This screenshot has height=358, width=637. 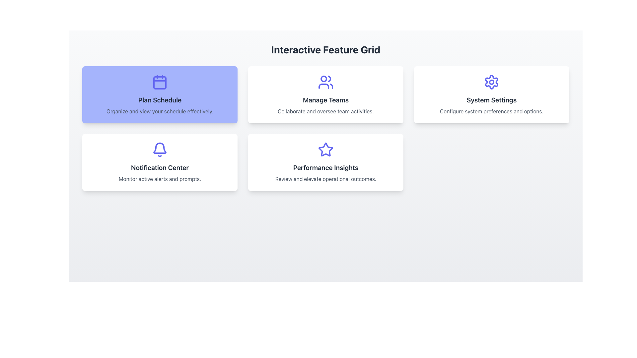 What do you see at coordinates (492, 82) in the screenshot?
I see `the system settings icon located in the top half of the 'System Settings' card, which is positioned in the top-right corner of the feature grid` at bounding box center [492, 82].